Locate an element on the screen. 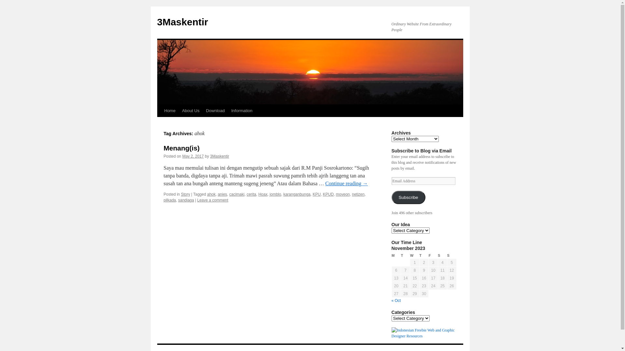 The height and width of the screenshot is (351, 625). 'moveon' is located at coordinates (342, 194).